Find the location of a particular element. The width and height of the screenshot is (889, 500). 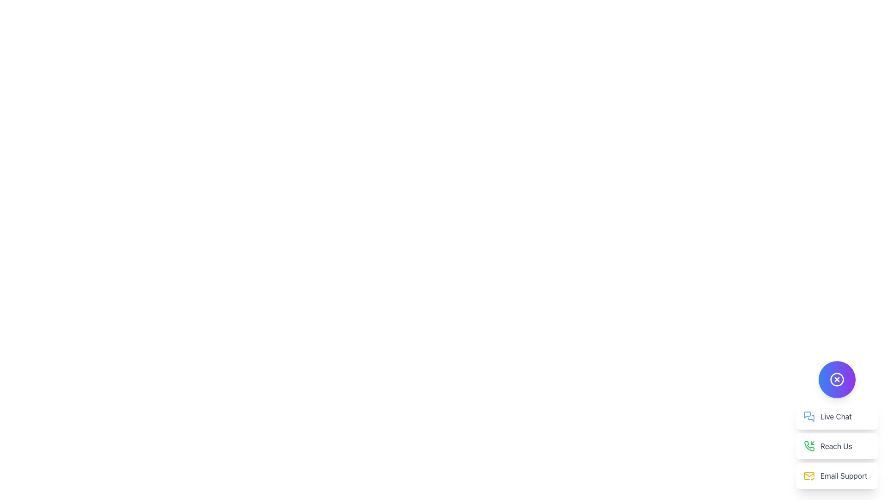

the Text Label that serves as the label for the live chat support menu item, located in the second position of the vertical stack in the bottom right corner is located at coordinates (836, 416).